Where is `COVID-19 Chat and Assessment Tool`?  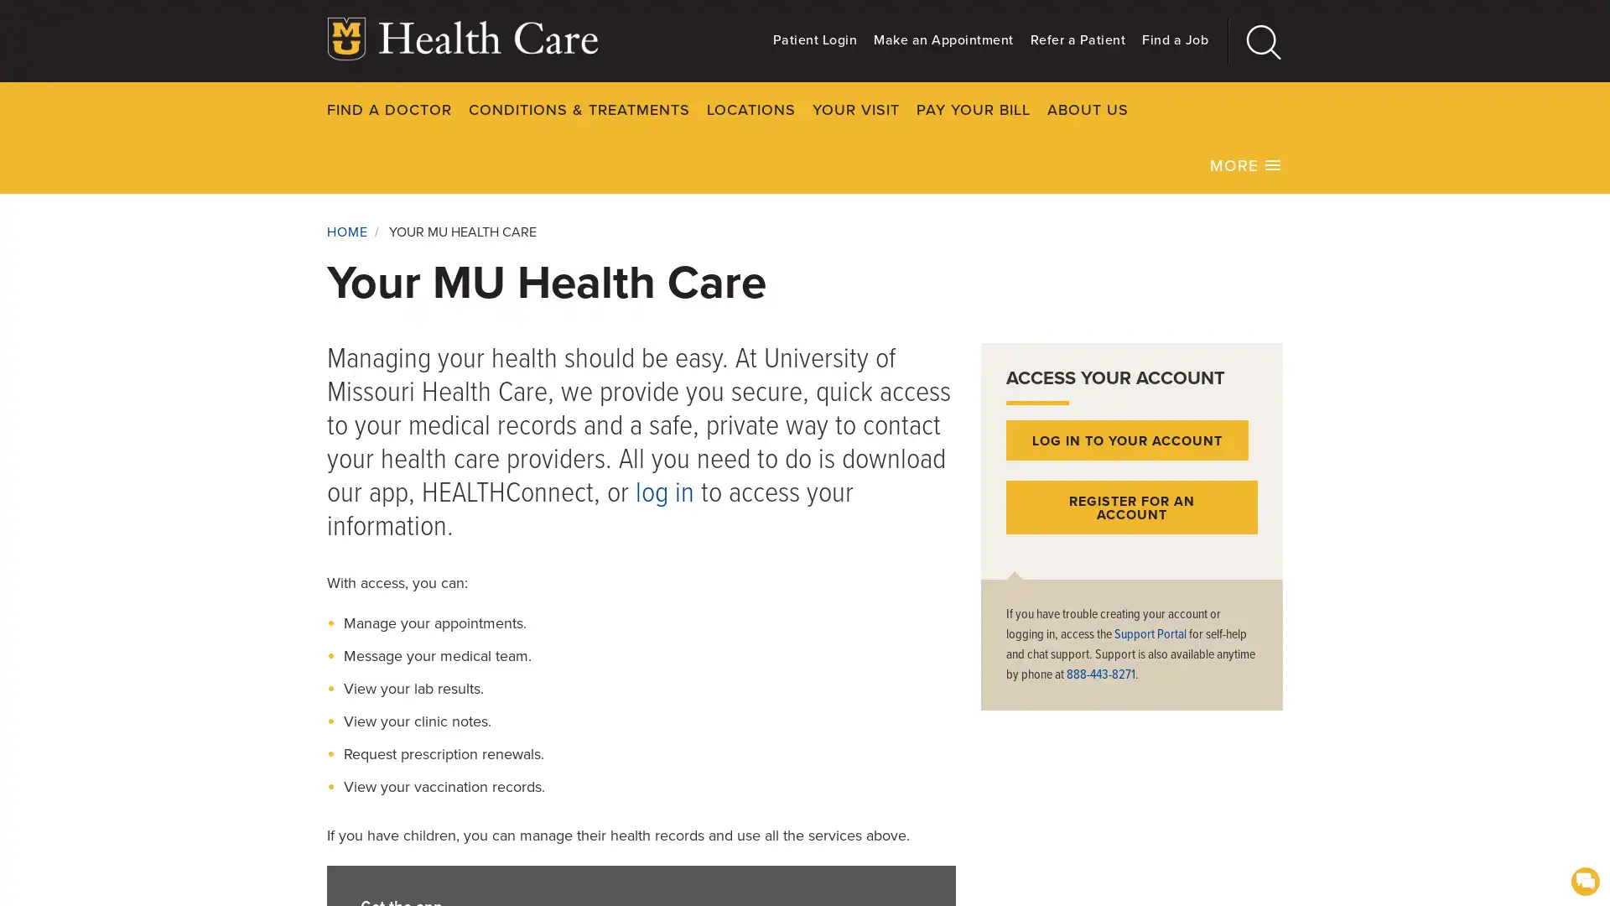
COVID-19 Chat and Assessment Tool is located at coordinates (1584, 879).